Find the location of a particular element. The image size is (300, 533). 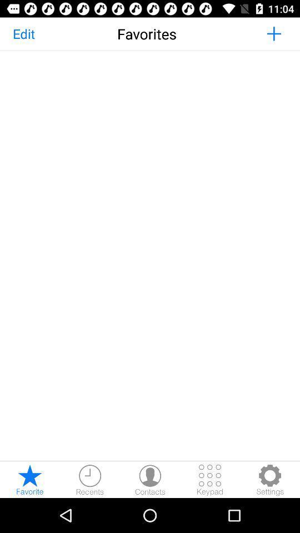

recents is located at coordinates (89, 479).